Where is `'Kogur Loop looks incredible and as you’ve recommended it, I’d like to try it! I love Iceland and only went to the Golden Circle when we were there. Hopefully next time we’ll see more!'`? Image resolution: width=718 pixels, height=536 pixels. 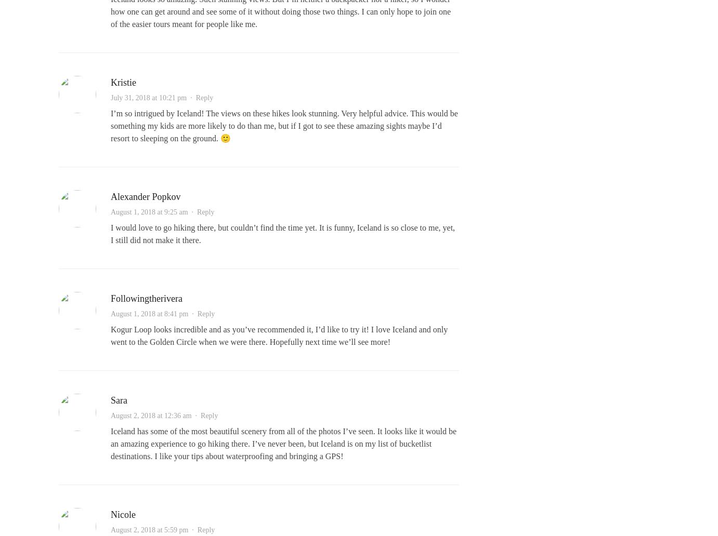
'Kogur Loop looks incredible and as you’ve recommended it, I’d like to try it! I love Iceland and only went to the Golden Circle when we were there. Hopefully next time we’ll see more!' is located at coordinates (278, 335).